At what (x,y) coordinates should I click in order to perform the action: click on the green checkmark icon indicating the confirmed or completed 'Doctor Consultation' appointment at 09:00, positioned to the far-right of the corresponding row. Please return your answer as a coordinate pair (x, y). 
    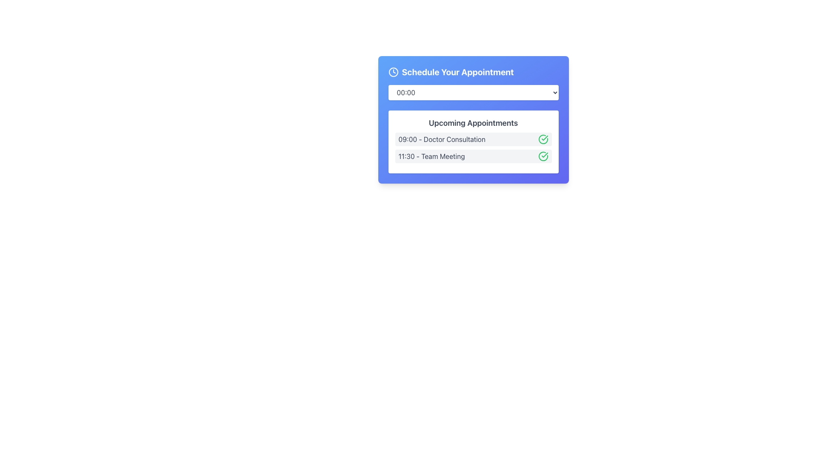
    Looking at the image, I should click on (543, 139).